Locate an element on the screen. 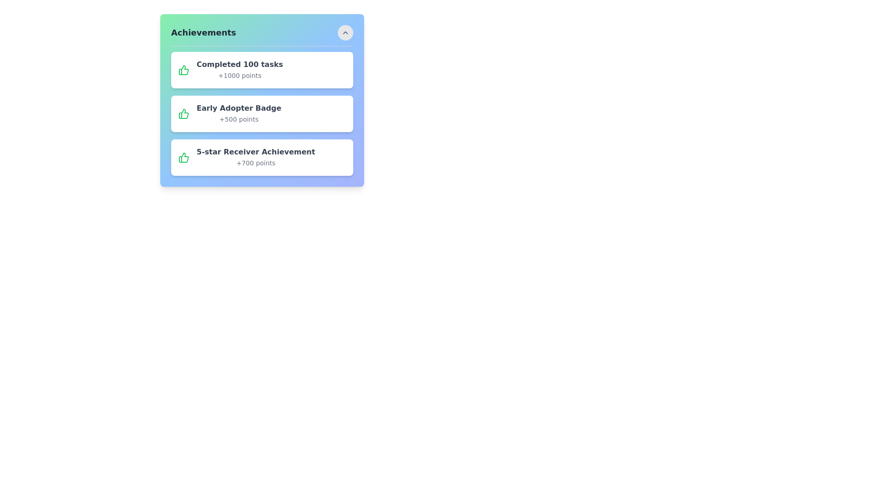 This screenshot has width=874, height=492. the section header text indicating achievements or awards, located at the top-left of the content box is located at coordinates (203, 32).